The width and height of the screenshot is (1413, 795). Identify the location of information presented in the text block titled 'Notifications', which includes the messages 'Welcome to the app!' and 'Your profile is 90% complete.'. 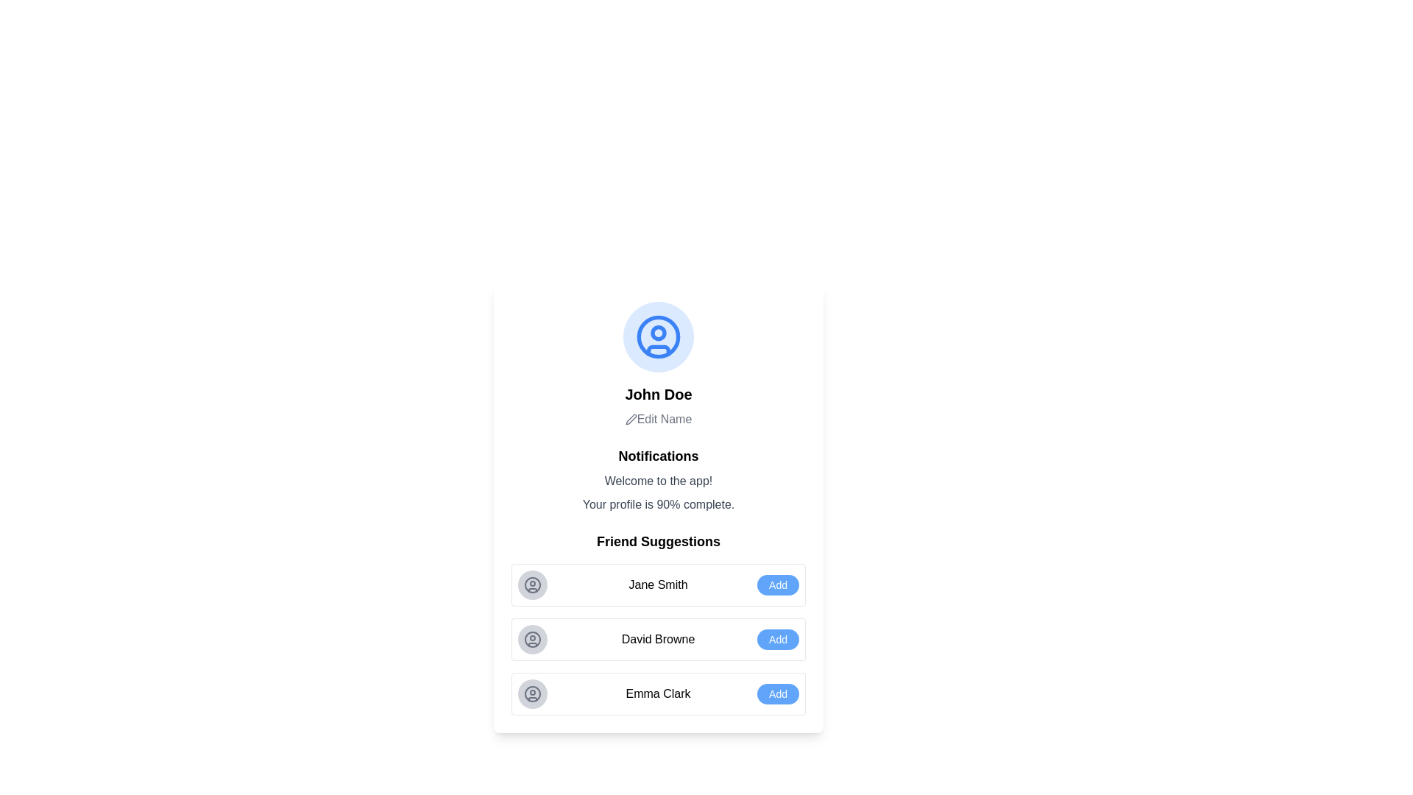
(657, 479).